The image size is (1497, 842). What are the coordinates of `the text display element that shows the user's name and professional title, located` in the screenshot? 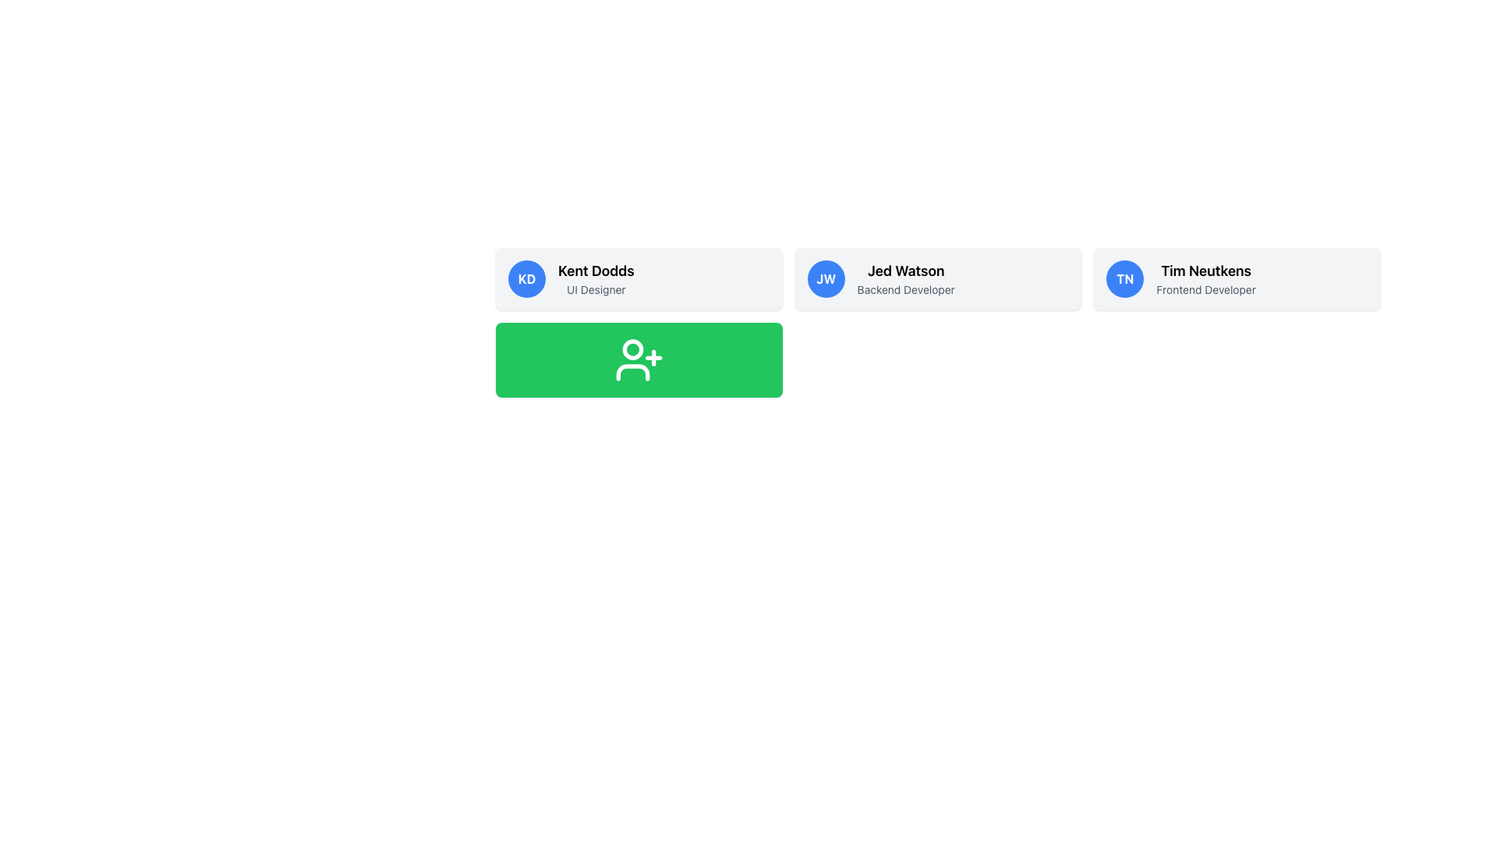 It's located at (1205, 278).